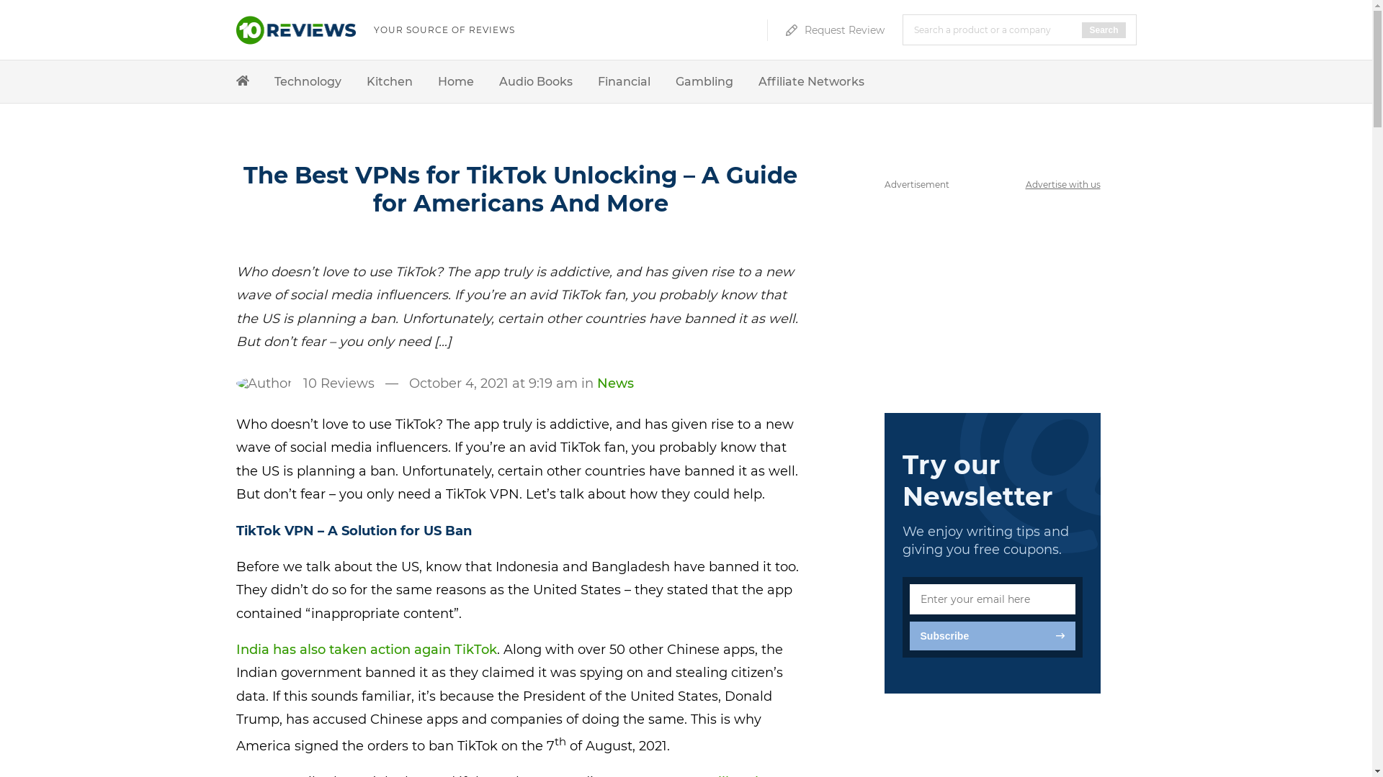 Image resolution: width=1383 pixels, height=777 pixels. I want to click on 'Gambling', so click(674, 81).